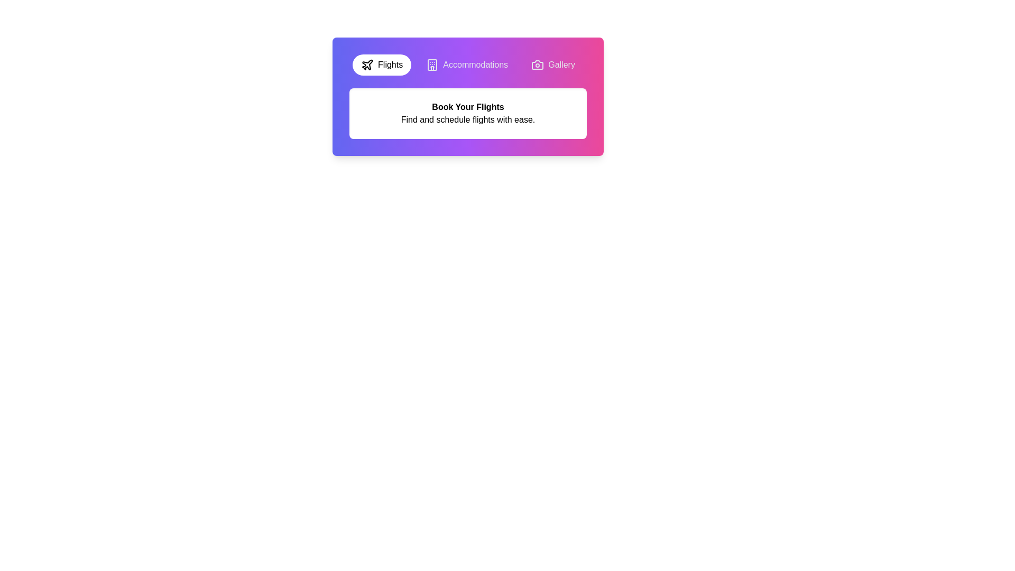 The height and width of the screenshot is (571, 1015). Describe the element at coordinates (552, 65) in the screenshot. I see `the tab corresponding to Gallery` at that location.